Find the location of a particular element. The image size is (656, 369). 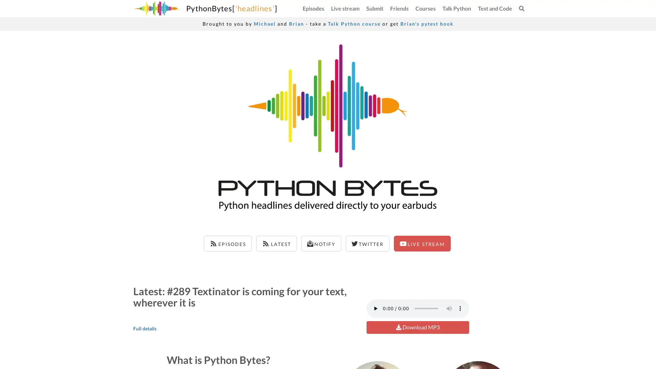

mute is located at coordinates (449, 308).